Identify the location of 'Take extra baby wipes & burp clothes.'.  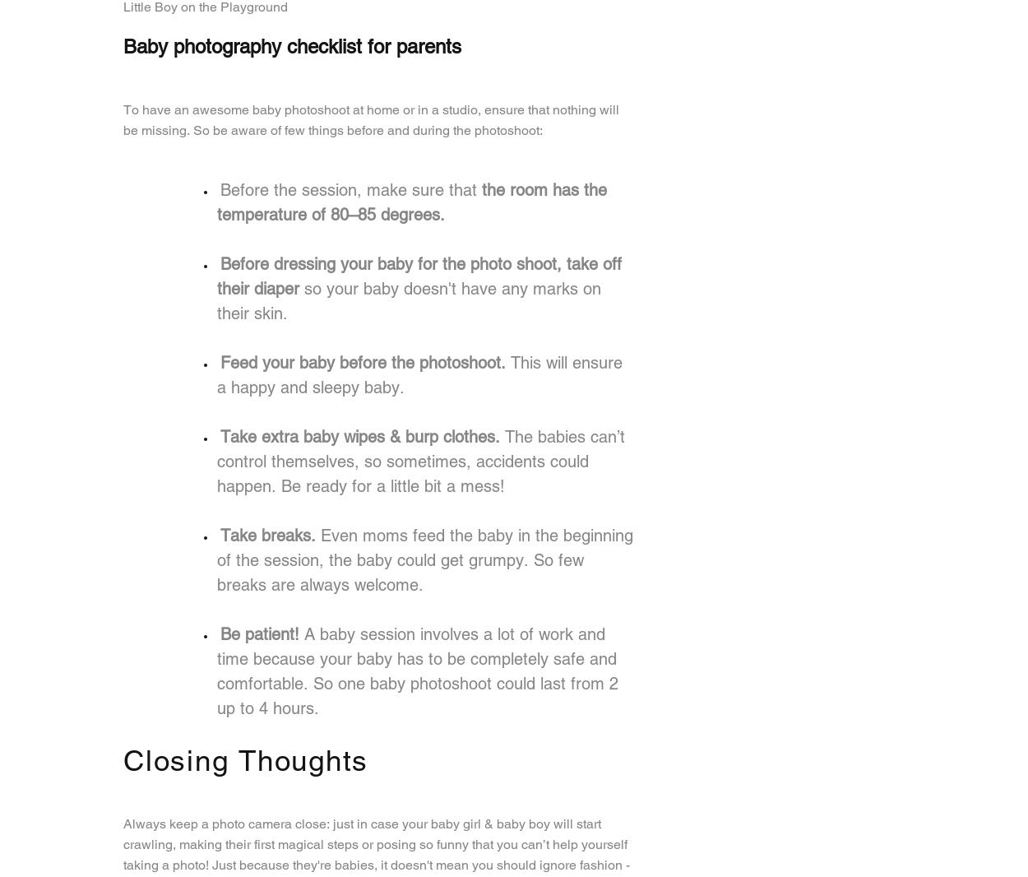
(220, 436).